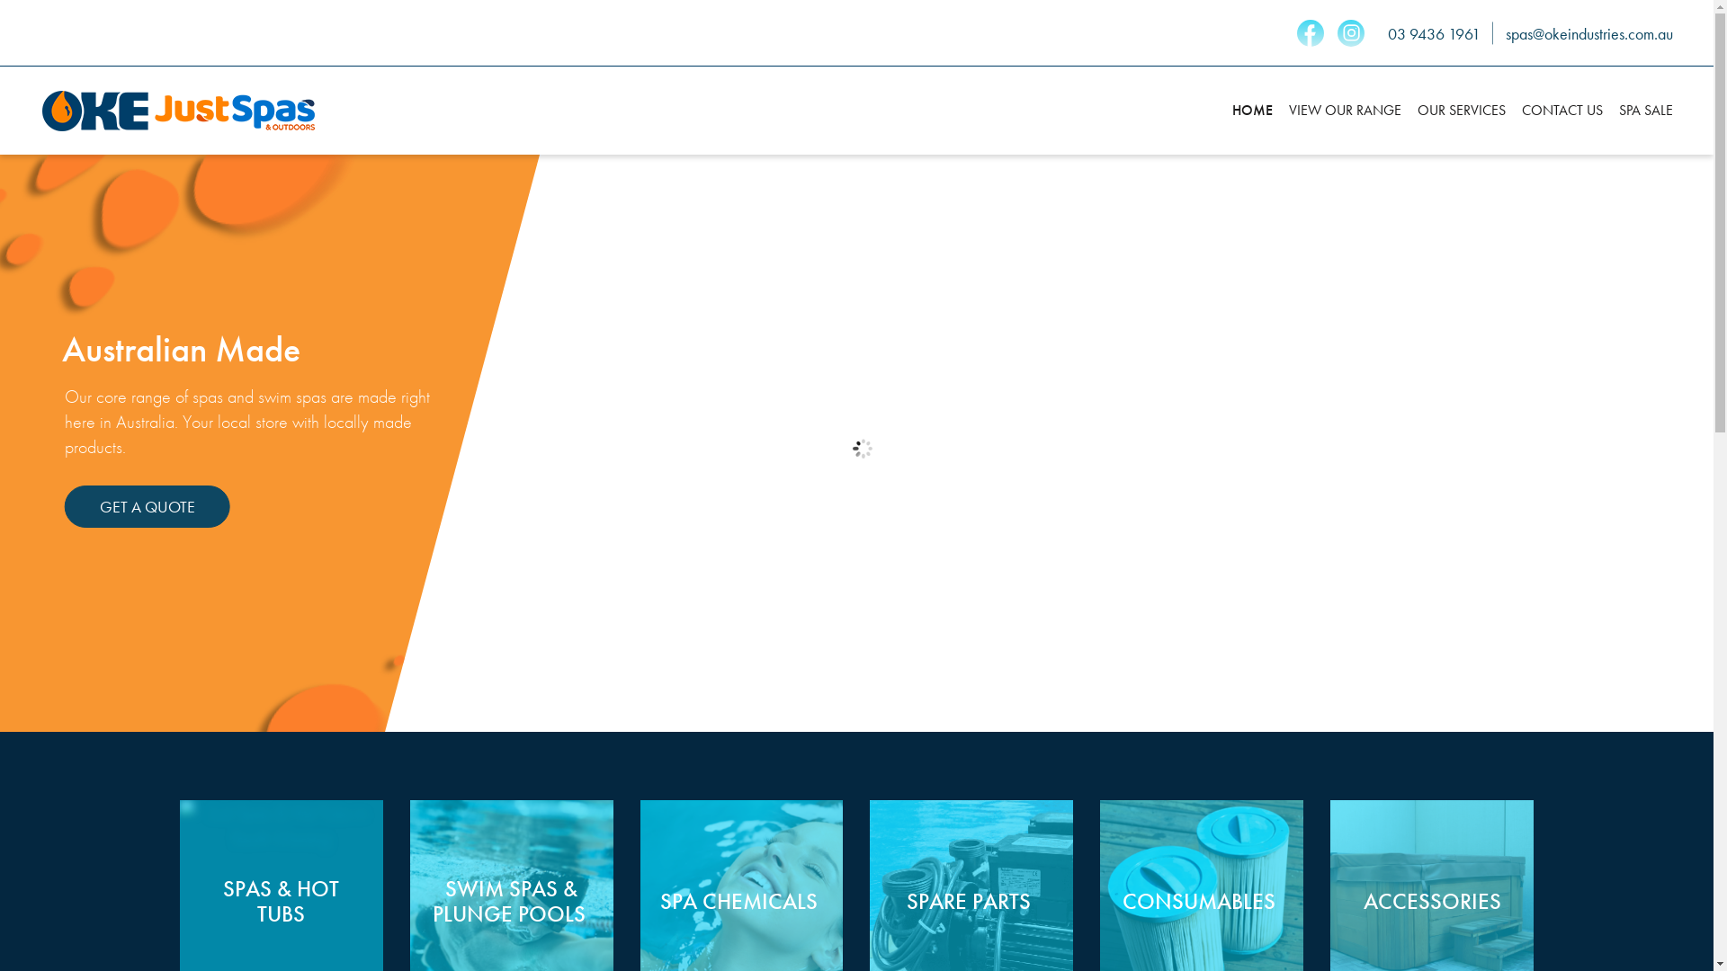  What do you see at coordinates (511, 901) in the screenshot?
I see `'SWIM SPAS &` at bounding box center [511, 901].